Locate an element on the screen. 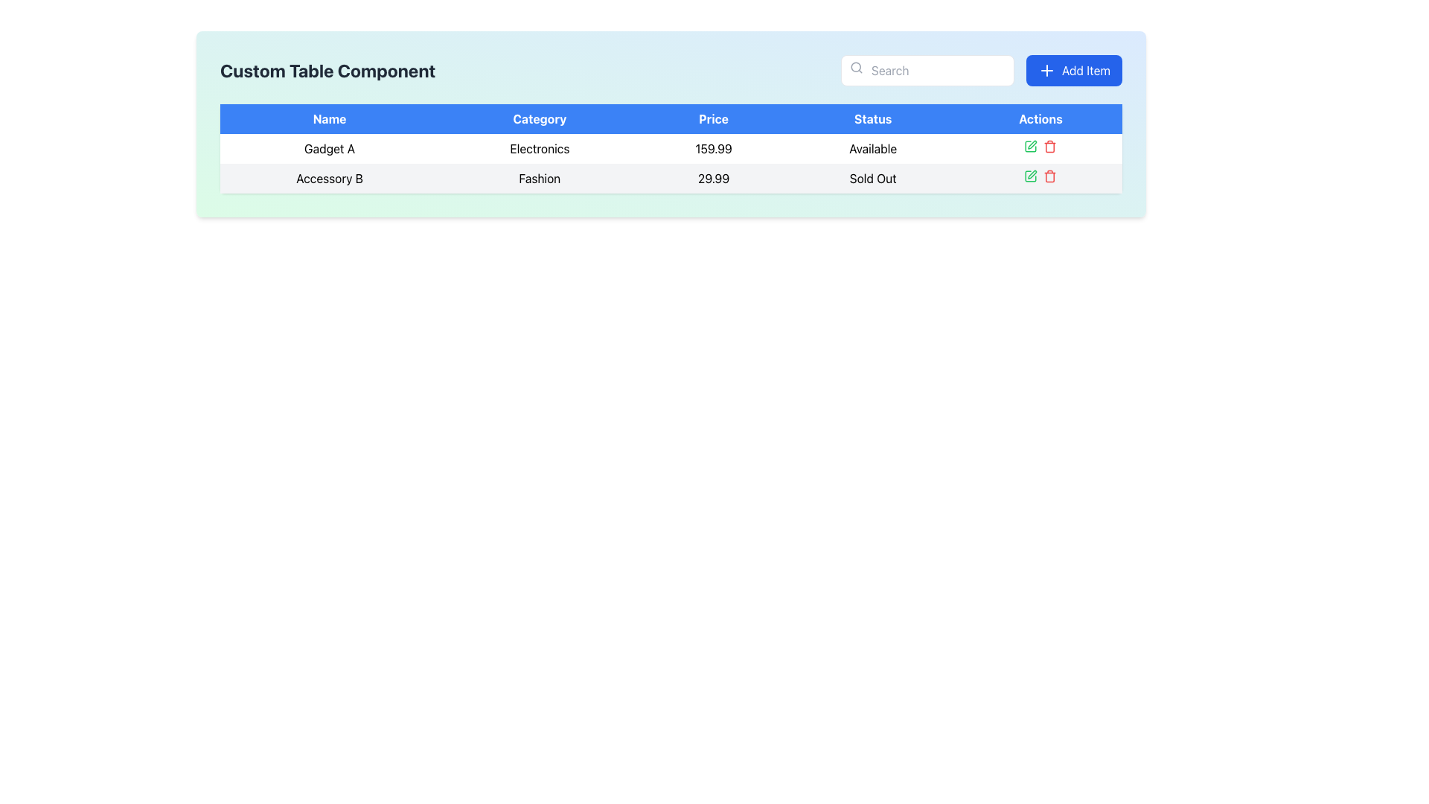  the Text label that displays the name of the item in the second row of the table under the 'Name' column is located at coordinates (329, 177).